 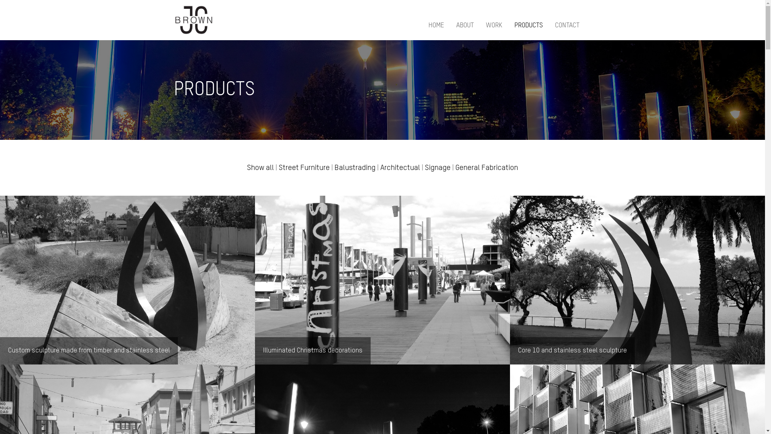 I want to click on 'Signage', so click(x=437, y=167).